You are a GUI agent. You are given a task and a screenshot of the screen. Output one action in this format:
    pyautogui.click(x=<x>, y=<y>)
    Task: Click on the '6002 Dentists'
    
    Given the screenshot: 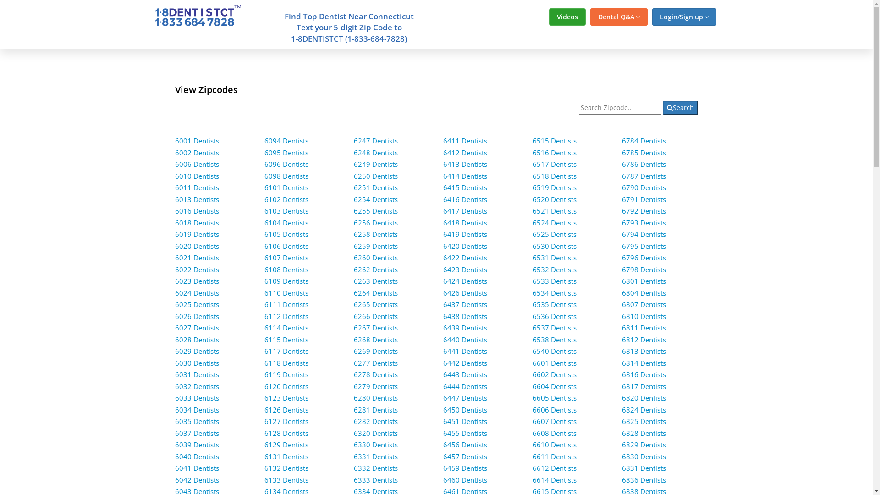 What is the action you would take?
    pyautogui.click(x=175, y=152)
    